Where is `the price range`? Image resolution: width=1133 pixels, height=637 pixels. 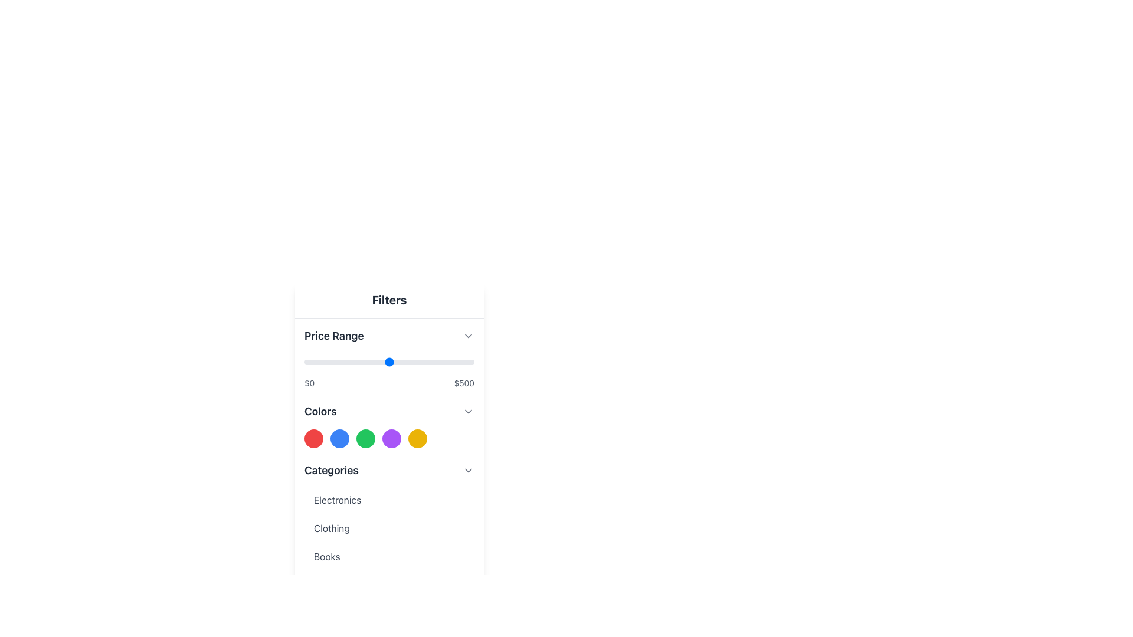 the price range is located at coordinates (305, 361).